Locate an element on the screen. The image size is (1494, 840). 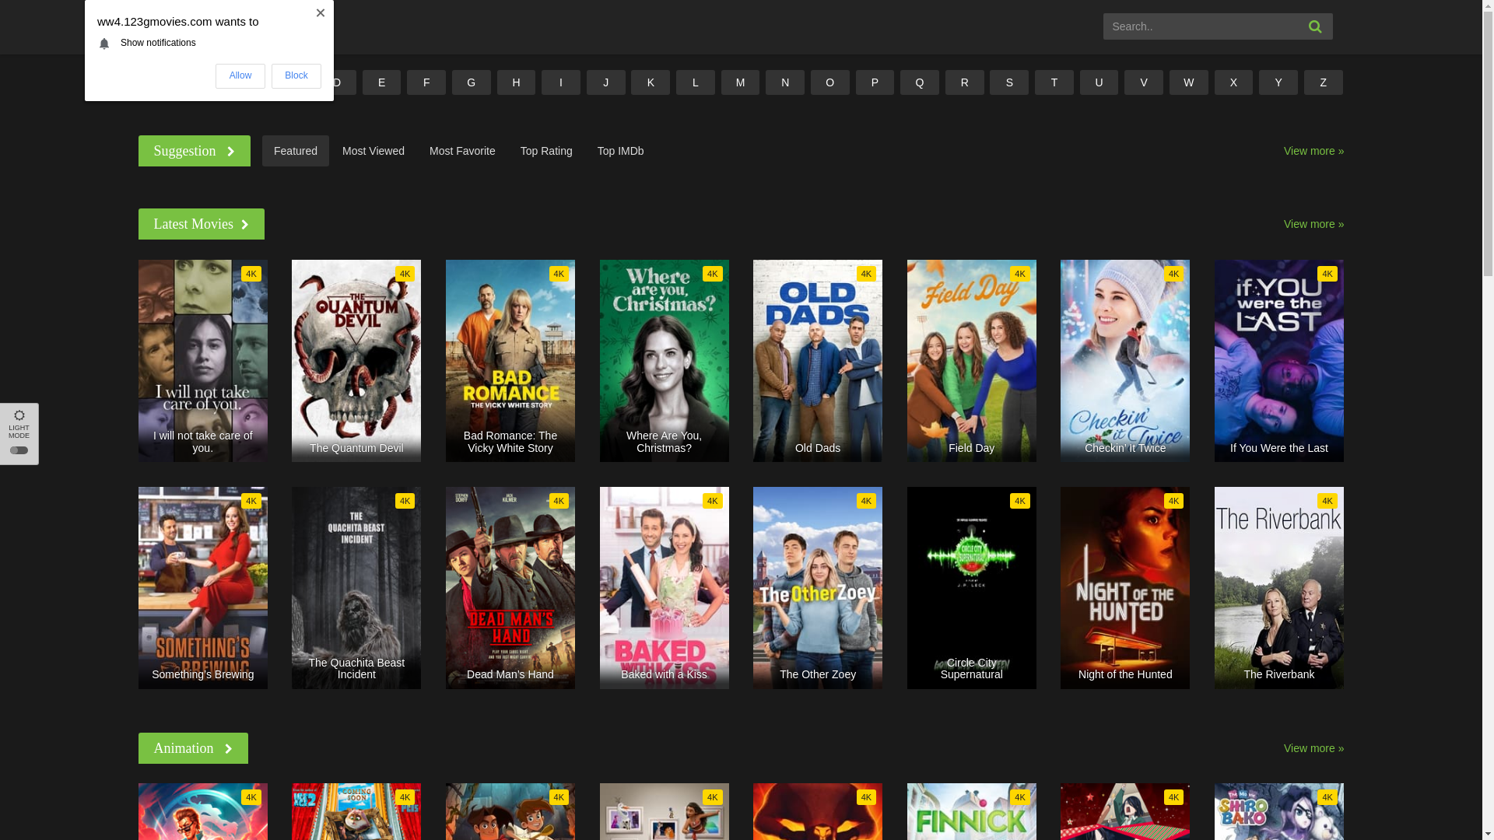
'O' is located at coordinates (809, 82).